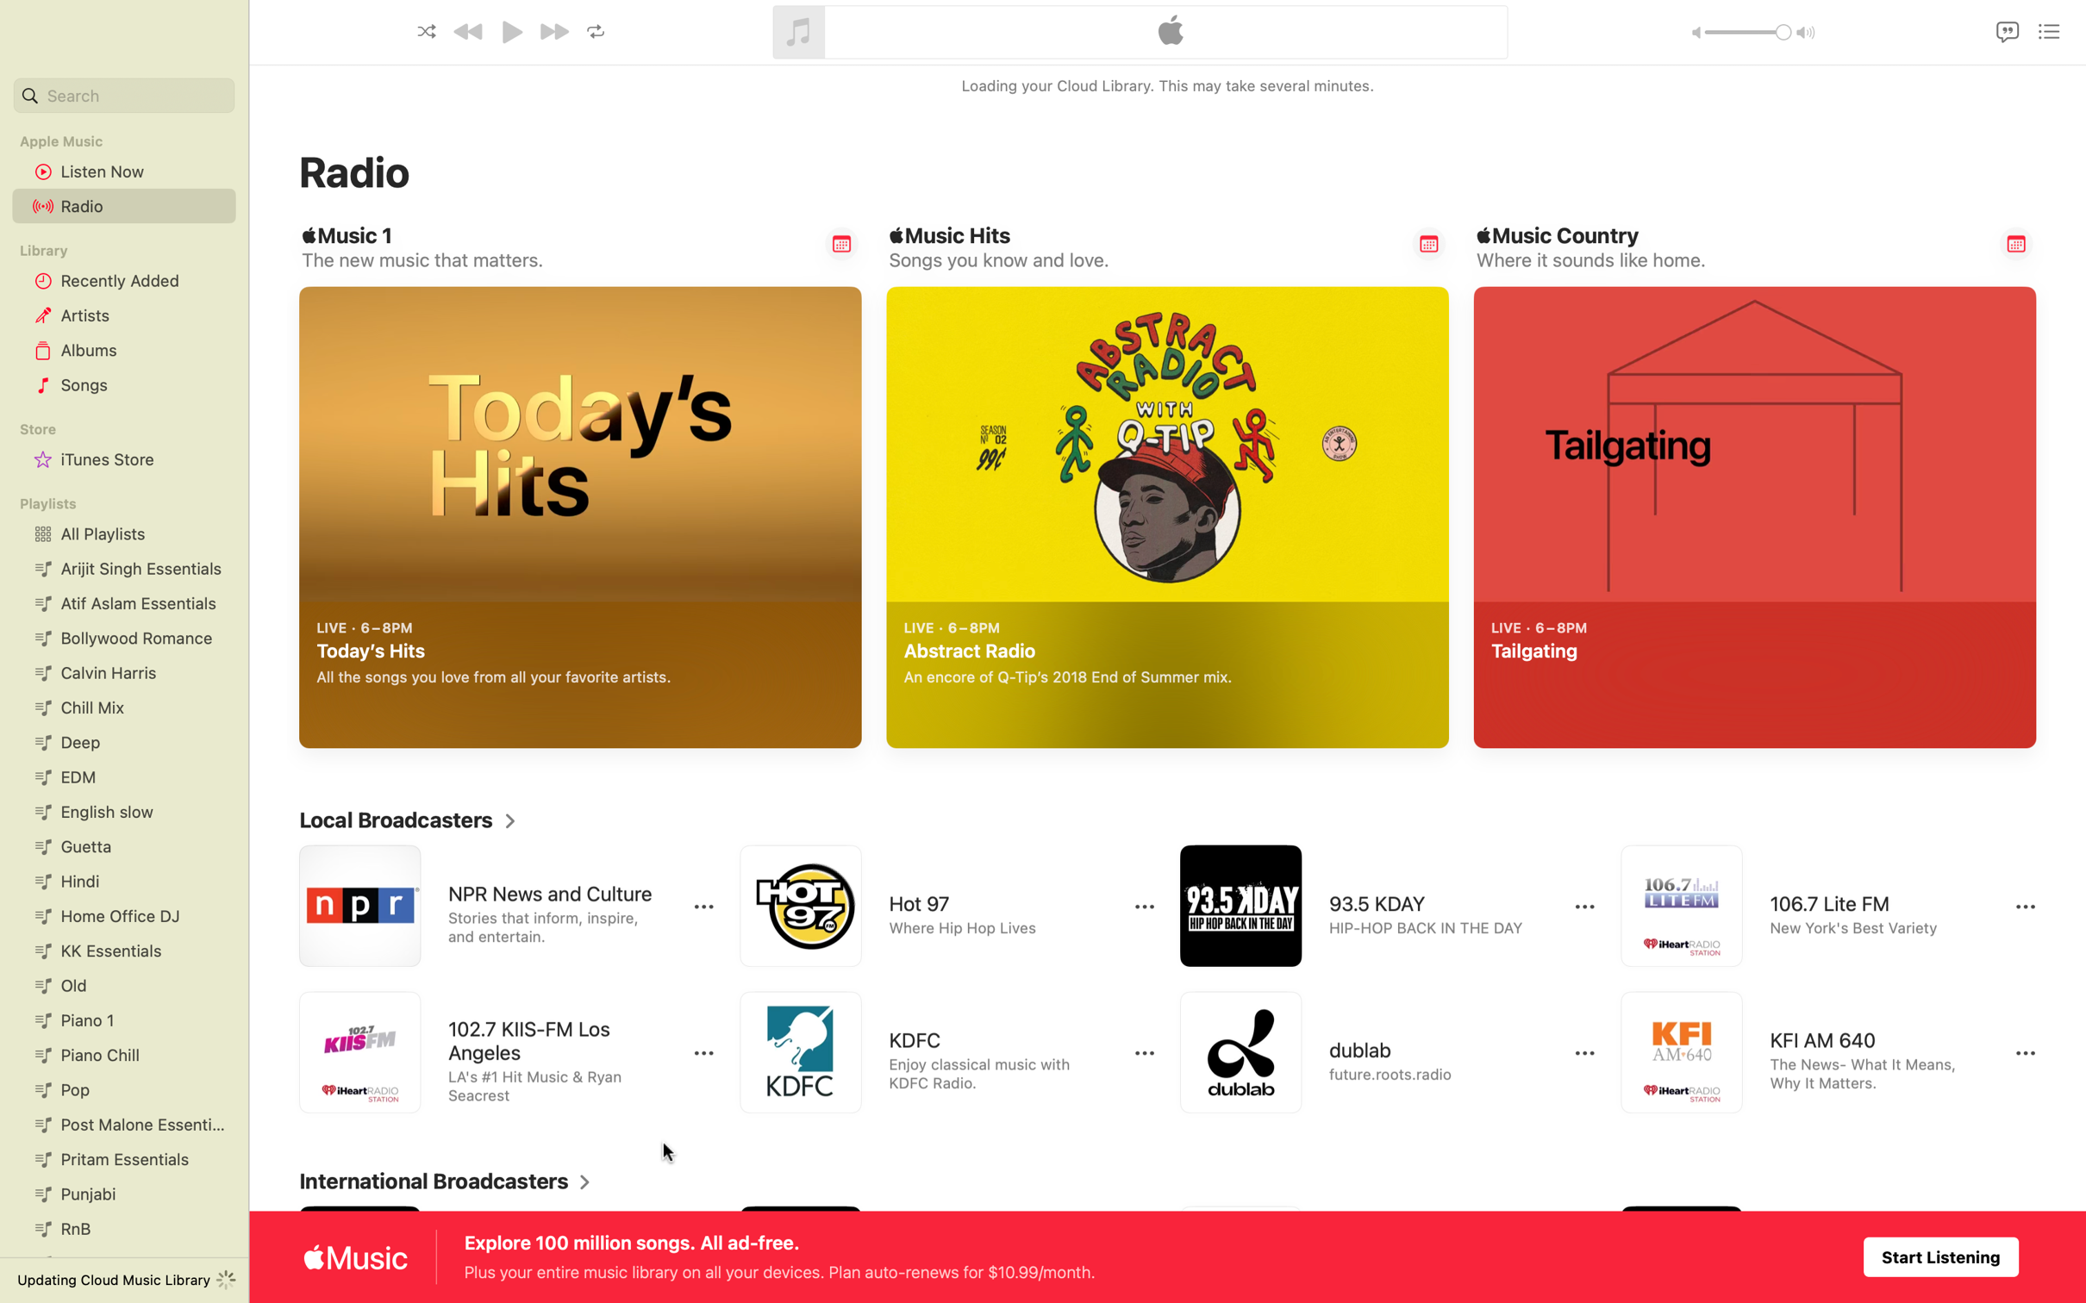  I want to click on Send alert for Country Music, so click(2016, 242).